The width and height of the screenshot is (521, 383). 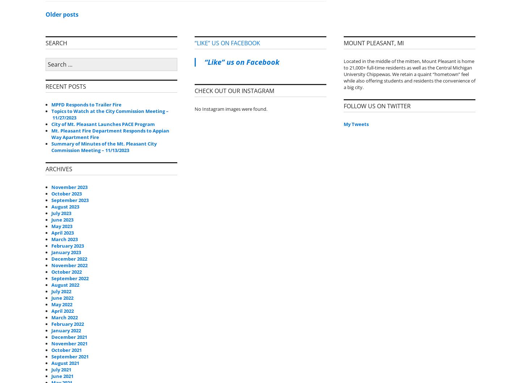 I want to click on 'July 2022', so click(x=61, y=290).